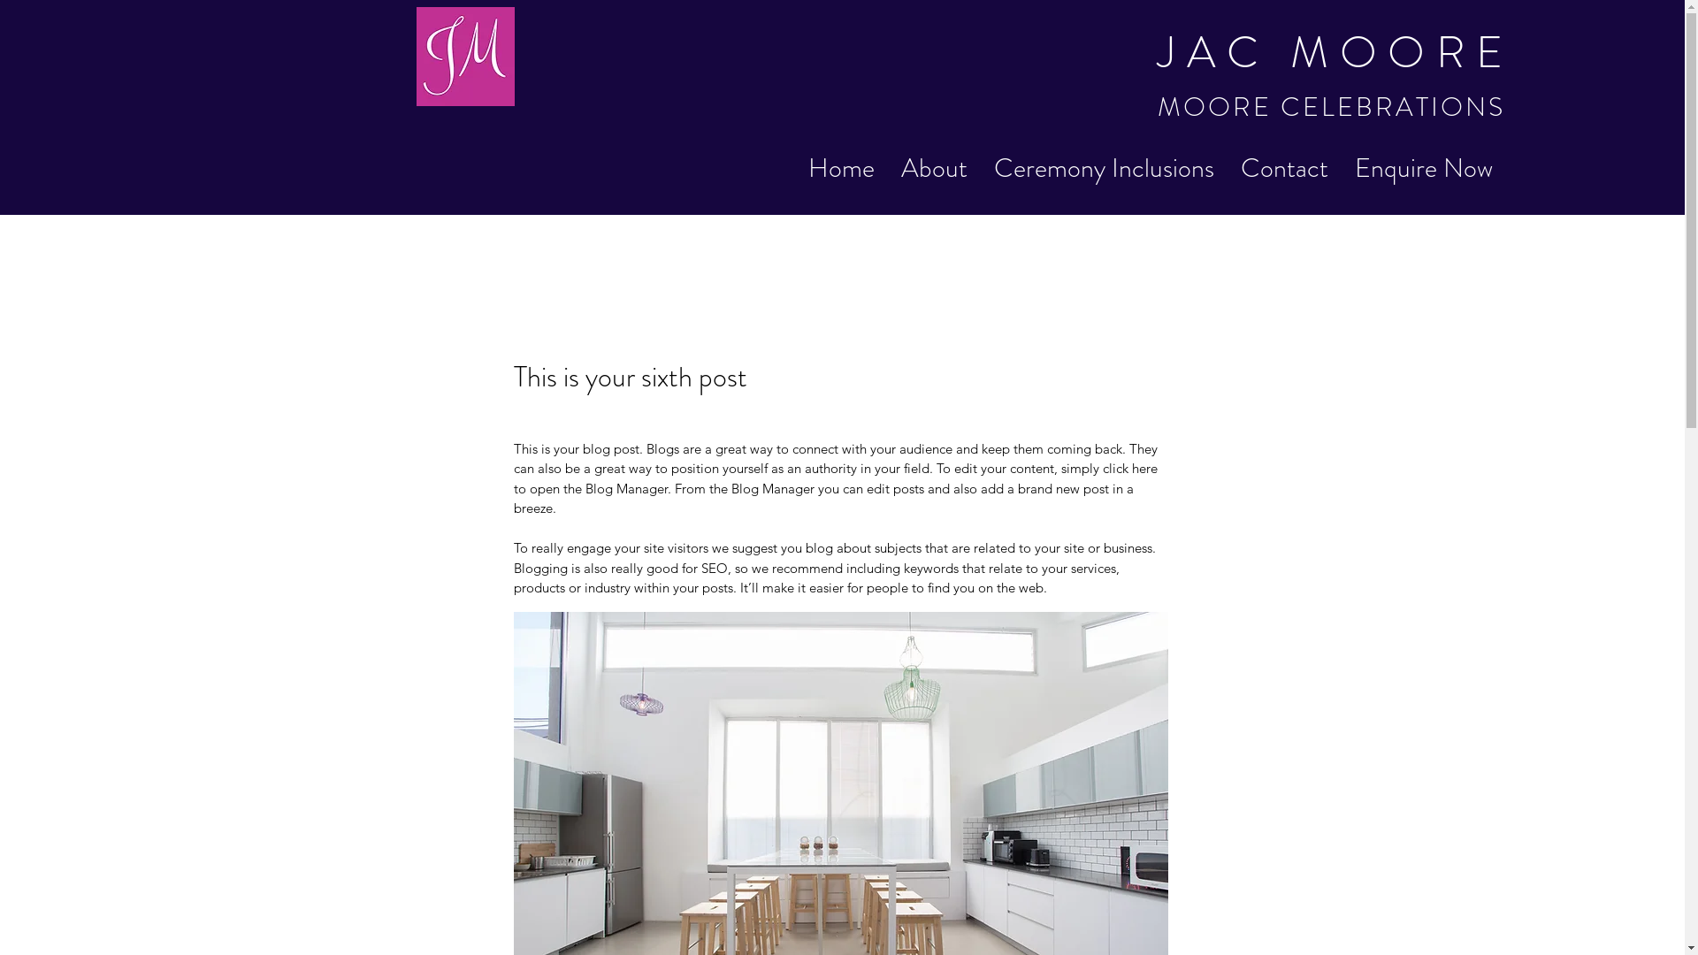 Image resolution: width=1698 pixels, height=955 pixels. I want to click on 'Home', so click(840, 168).